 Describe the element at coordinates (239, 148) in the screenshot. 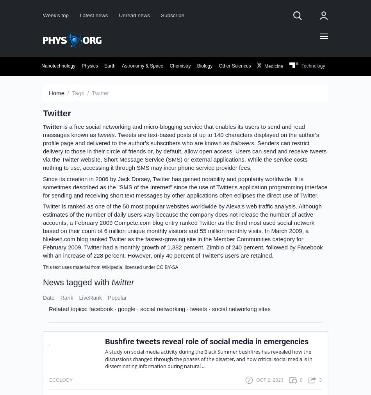

I see `'Forget Password?'` at that location.